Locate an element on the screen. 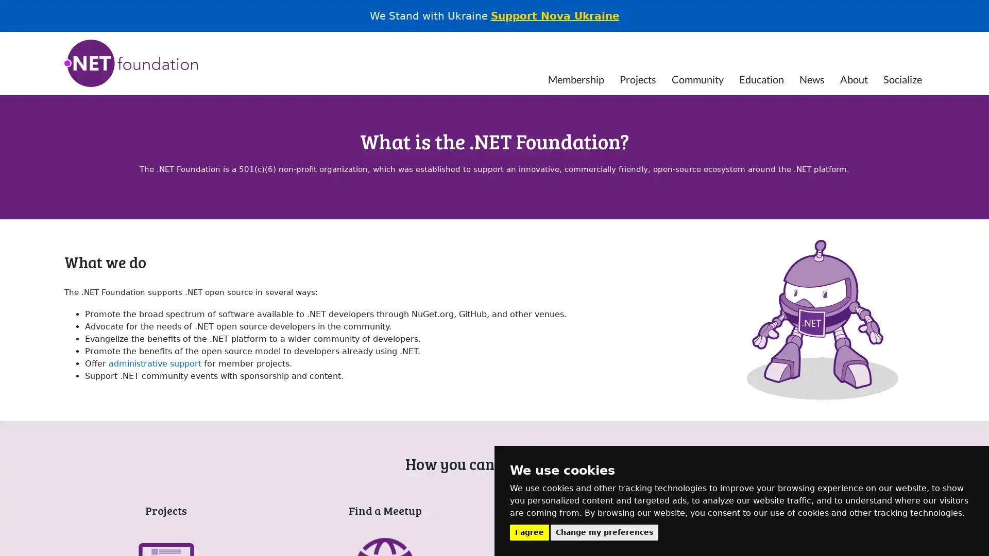  Change my preferences is located at coordinates (604, 532).